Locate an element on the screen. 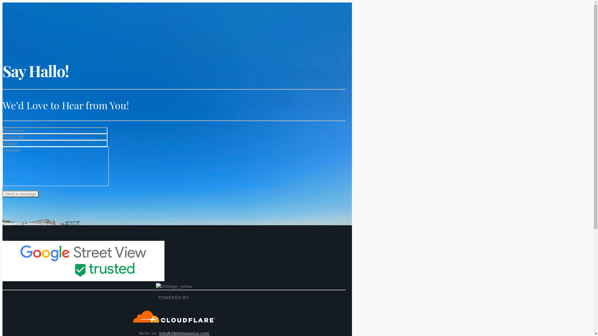 This screenshot has height=336, width=598. 'Send a message' is located at coordinates (21, 194).